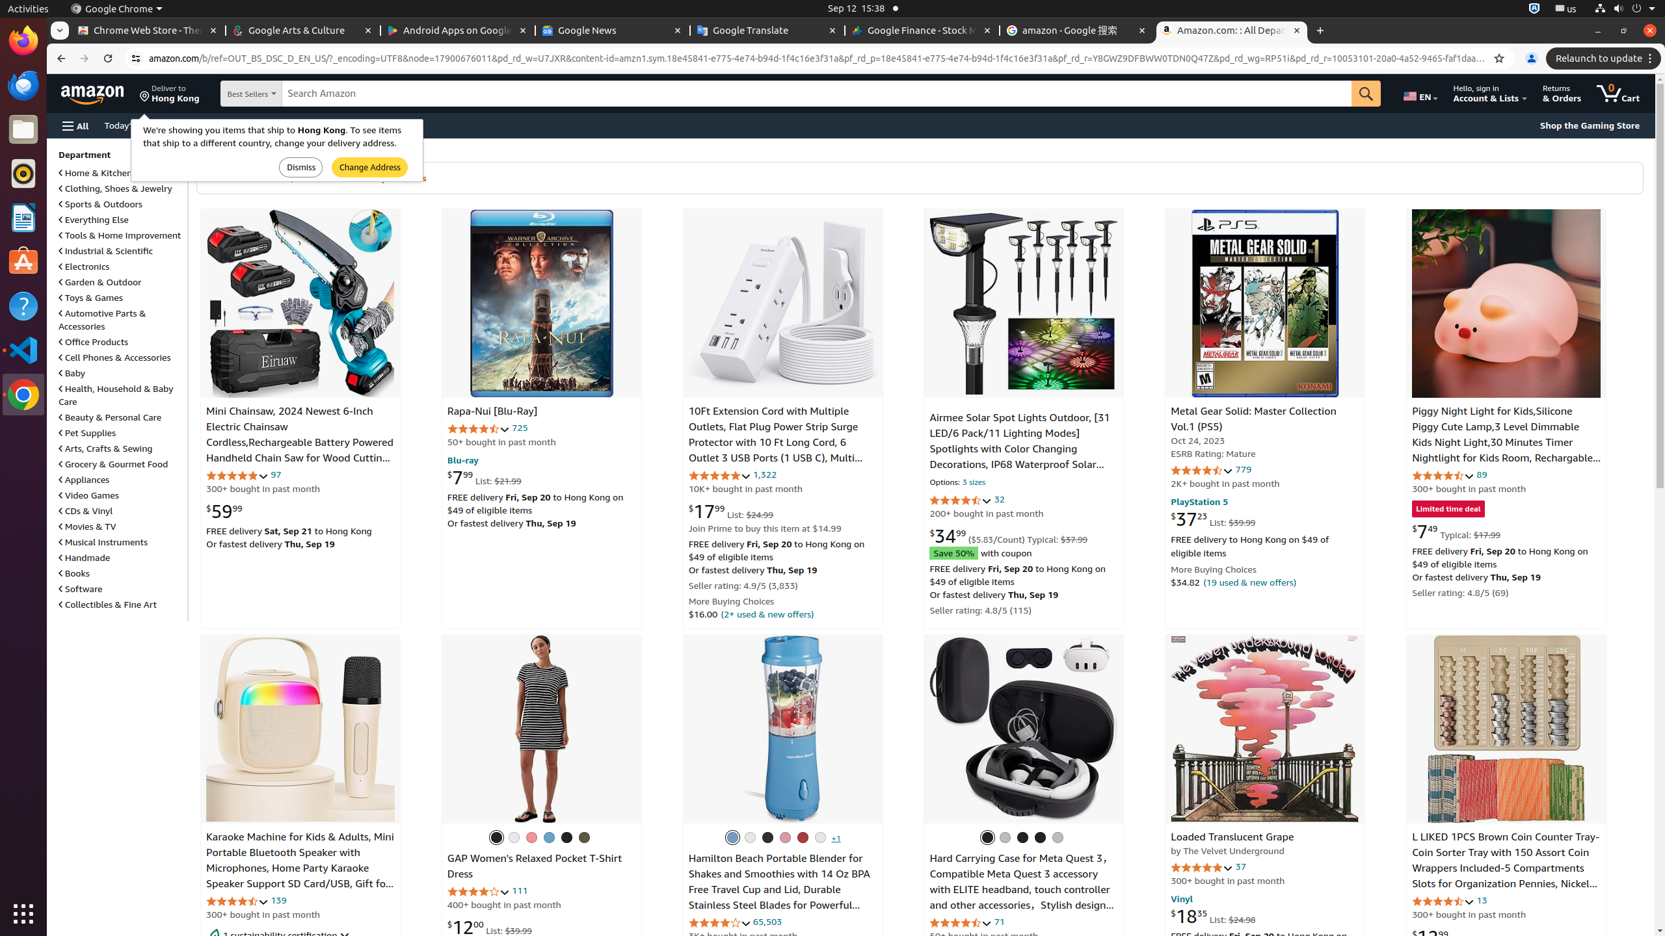 The height and width of the screenshot is (936, 1665). Describe the element at coordinates (819, 836) in the screenshot. I see `'White'` at that location.